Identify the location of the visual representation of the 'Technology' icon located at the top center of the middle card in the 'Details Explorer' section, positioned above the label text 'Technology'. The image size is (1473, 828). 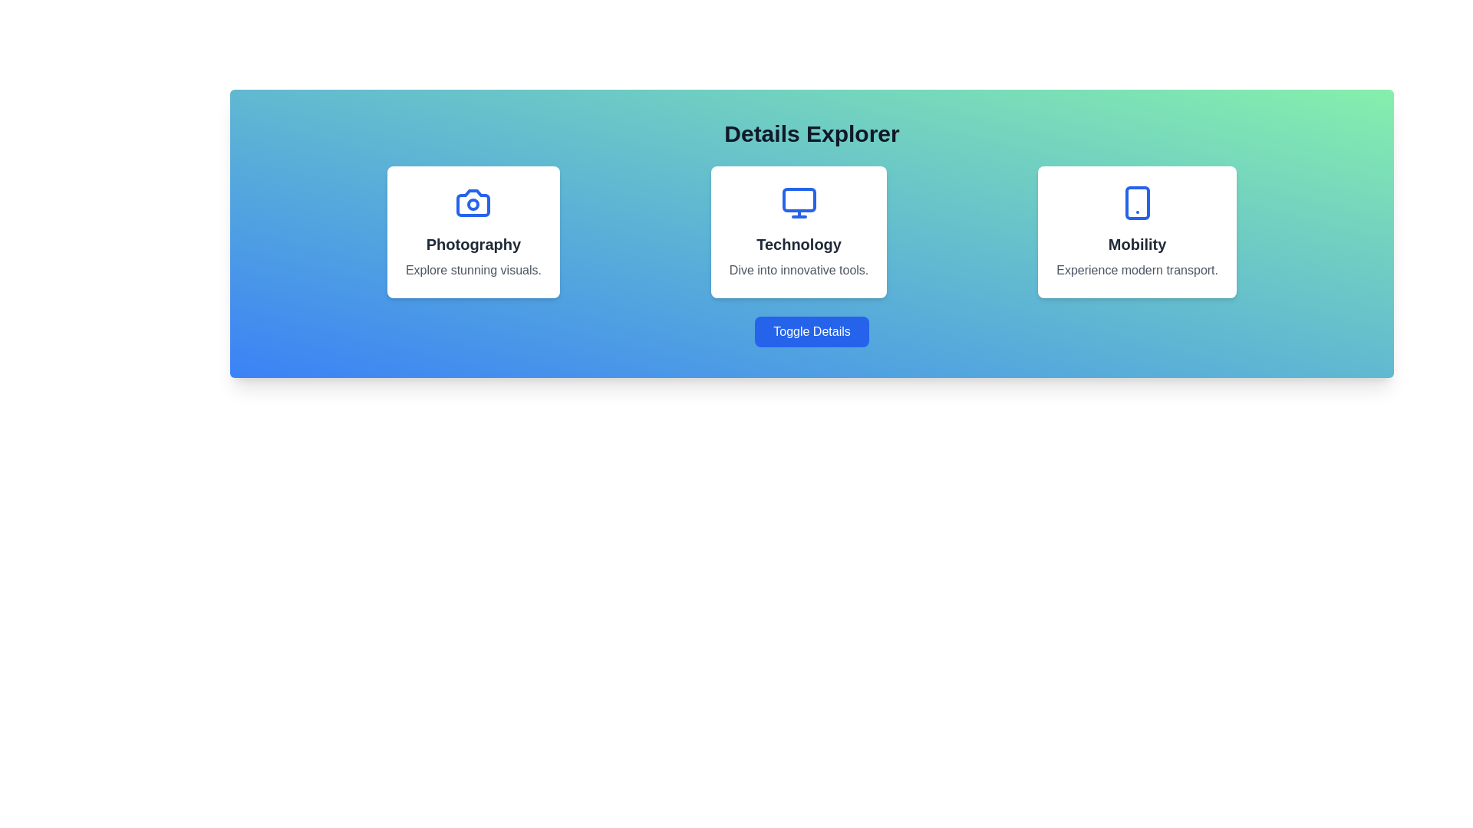
(798, 202).